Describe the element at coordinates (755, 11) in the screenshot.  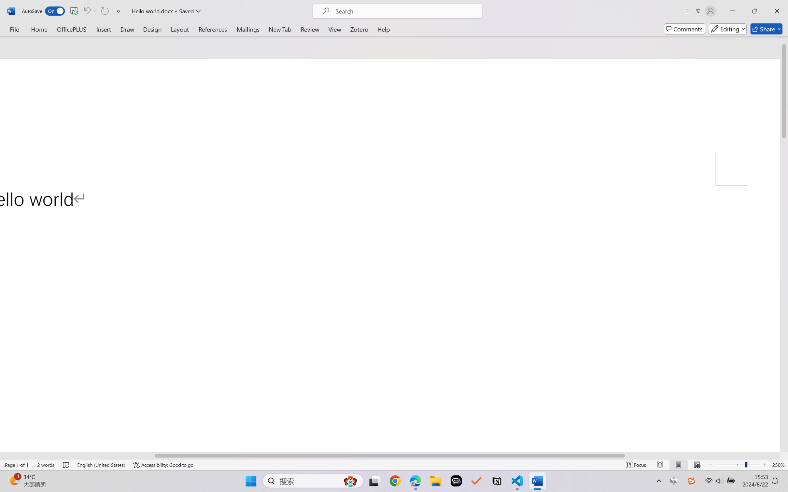
I see `'Restore Down'` at that location.